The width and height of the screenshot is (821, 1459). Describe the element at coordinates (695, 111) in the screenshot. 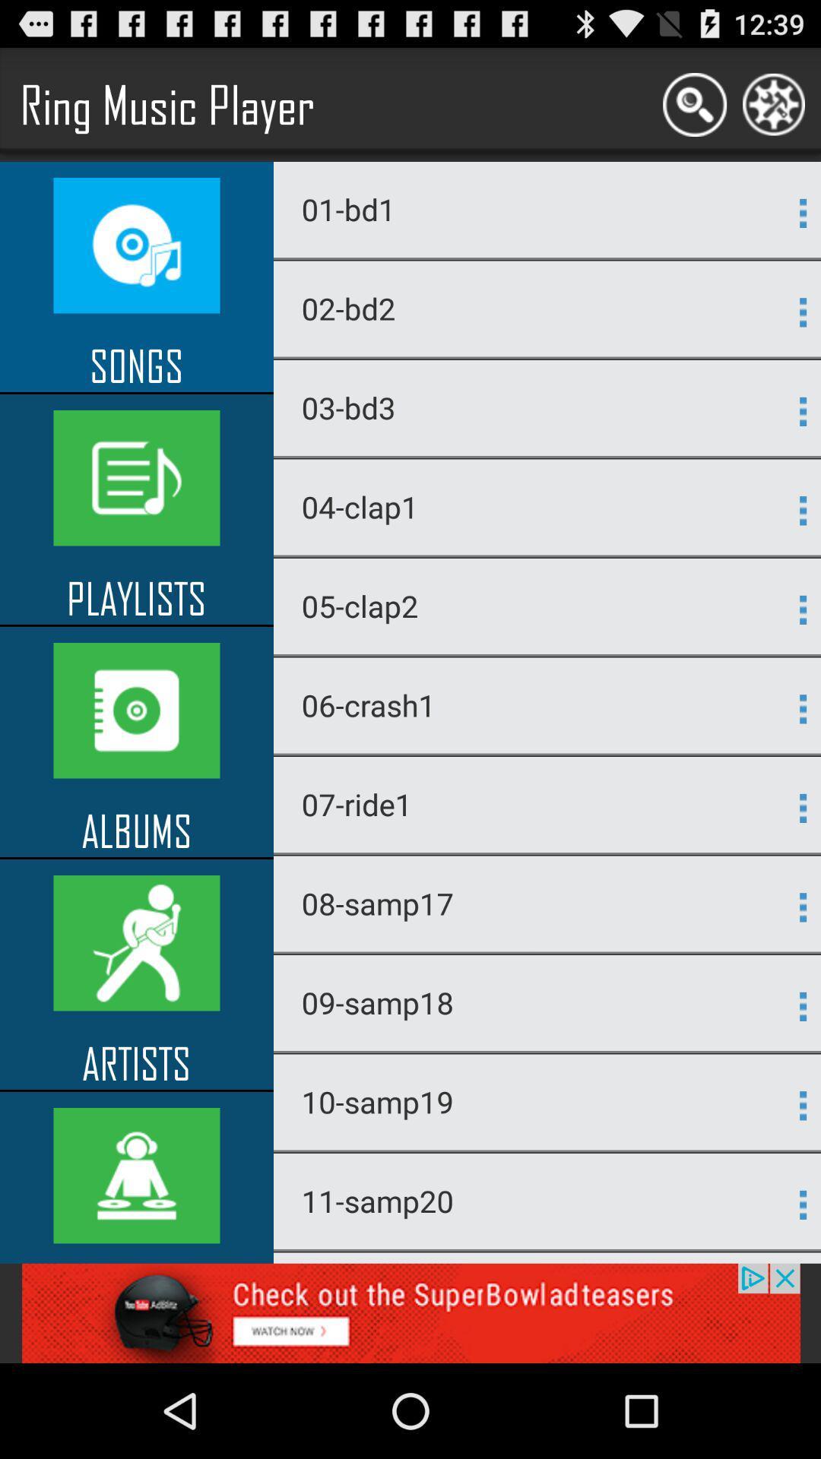

I see `the search icon` at that location.